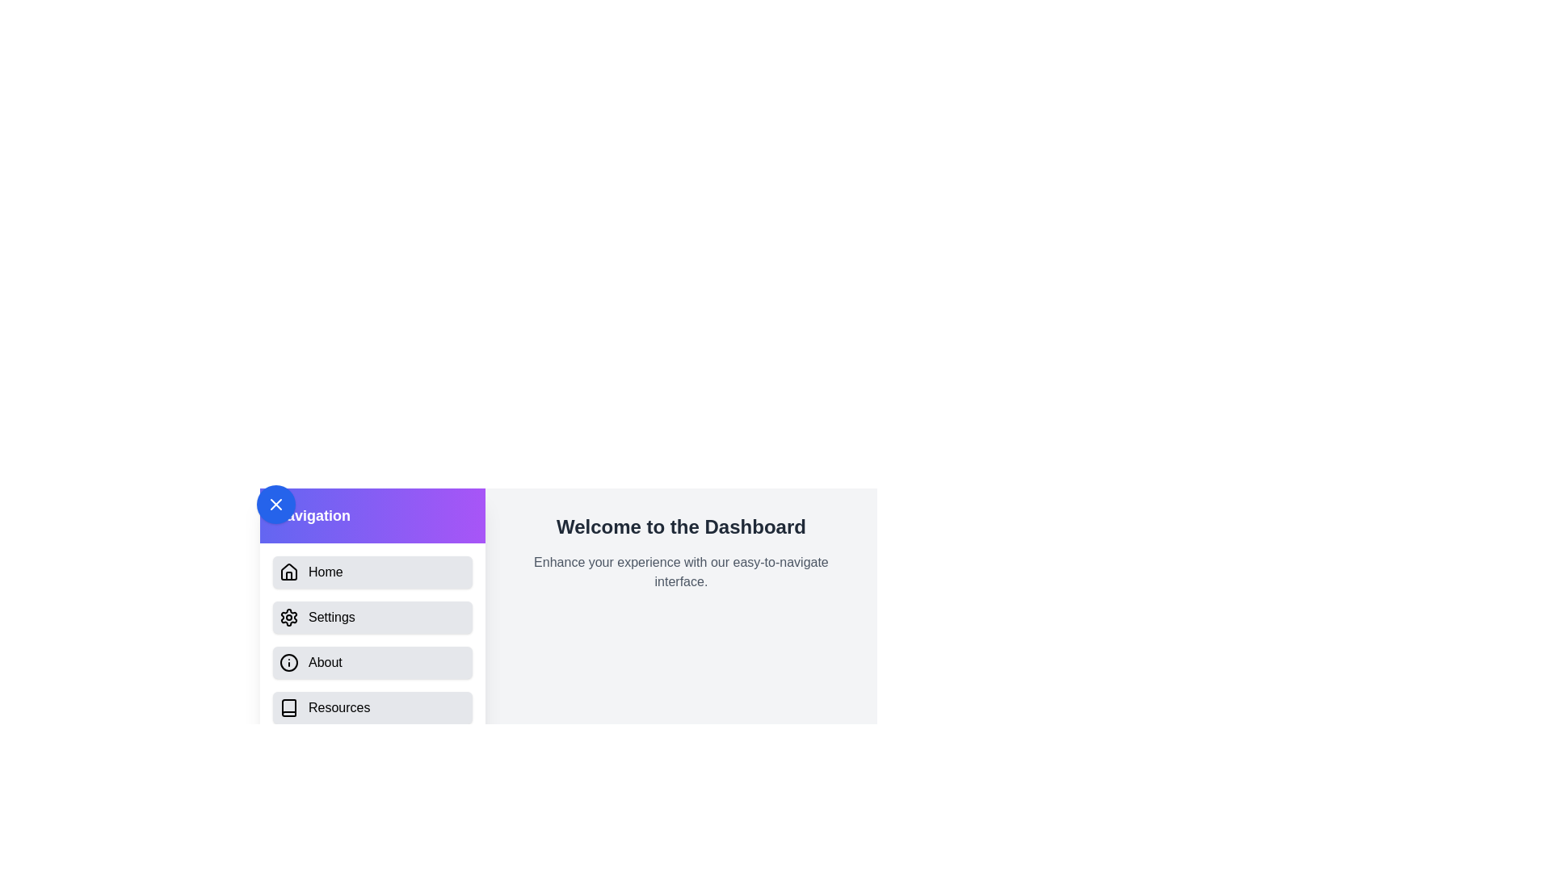 Image resolution: width=1551 pixels, height=872 pixels. What do you see at coordinates (275, 503) in the screenshot?
I see `the button to toggle the drawer visibility` at bounding box center [275, 503].